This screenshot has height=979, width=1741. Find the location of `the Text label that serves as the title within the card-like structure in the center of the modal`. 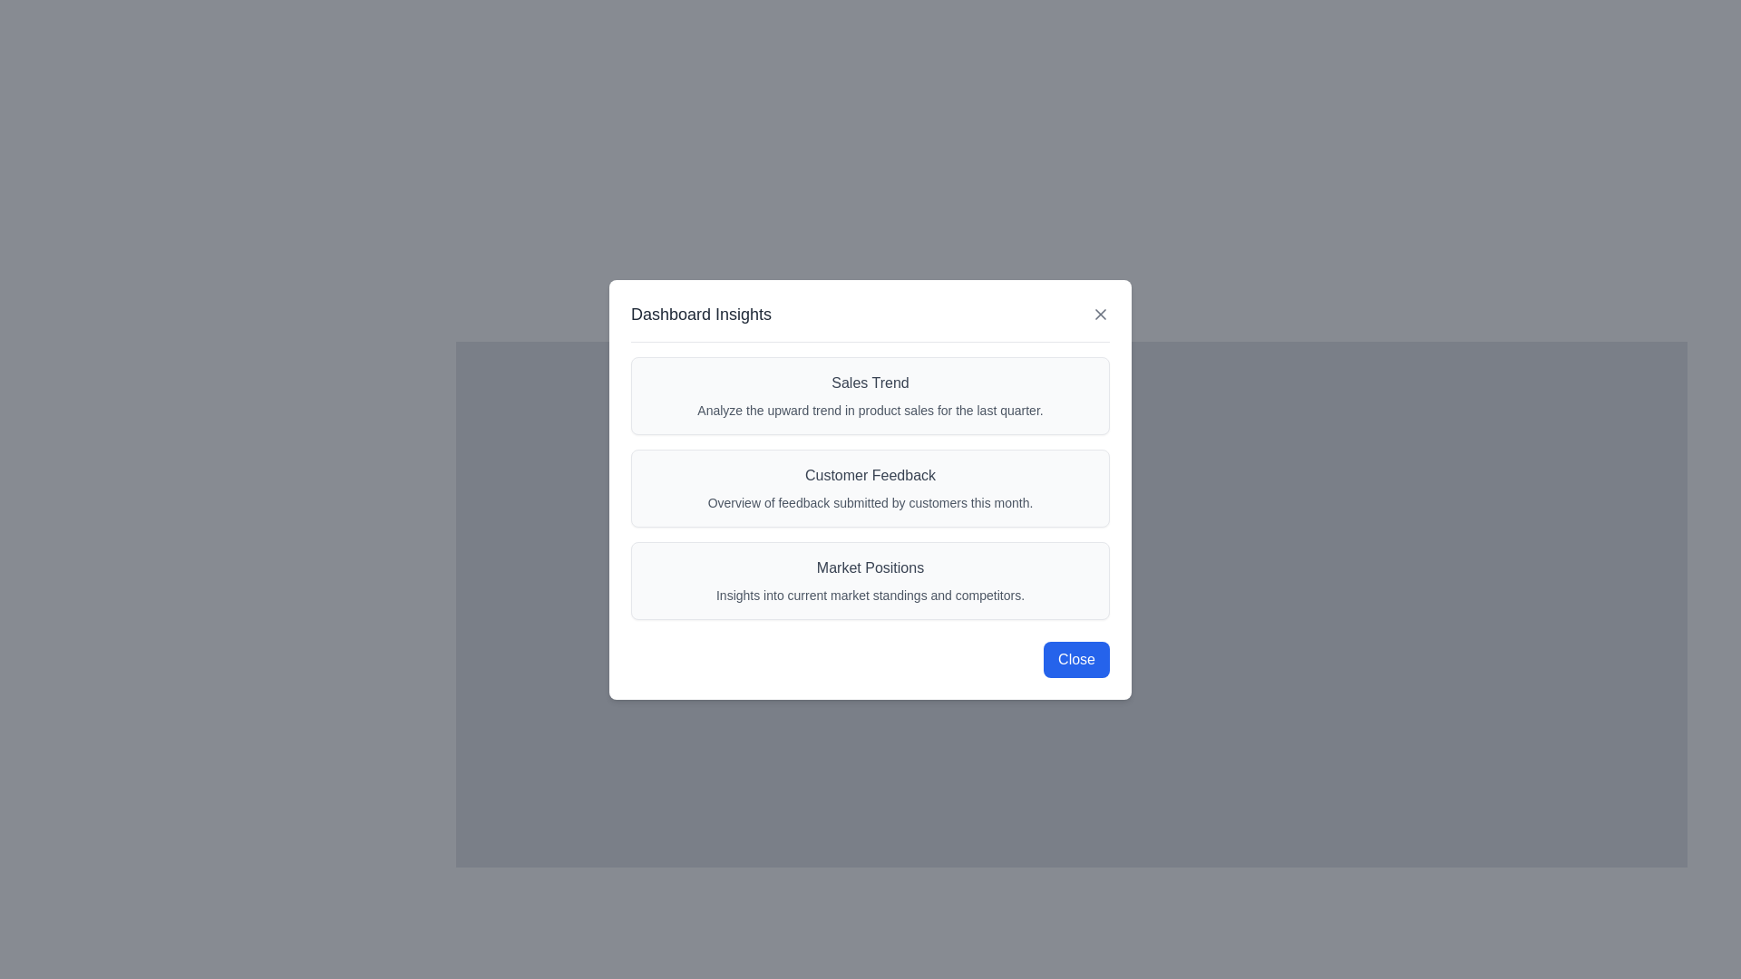

the Text label that serves as the title within the card-like structure in the center of the modal is located at coordinates (870, 474).